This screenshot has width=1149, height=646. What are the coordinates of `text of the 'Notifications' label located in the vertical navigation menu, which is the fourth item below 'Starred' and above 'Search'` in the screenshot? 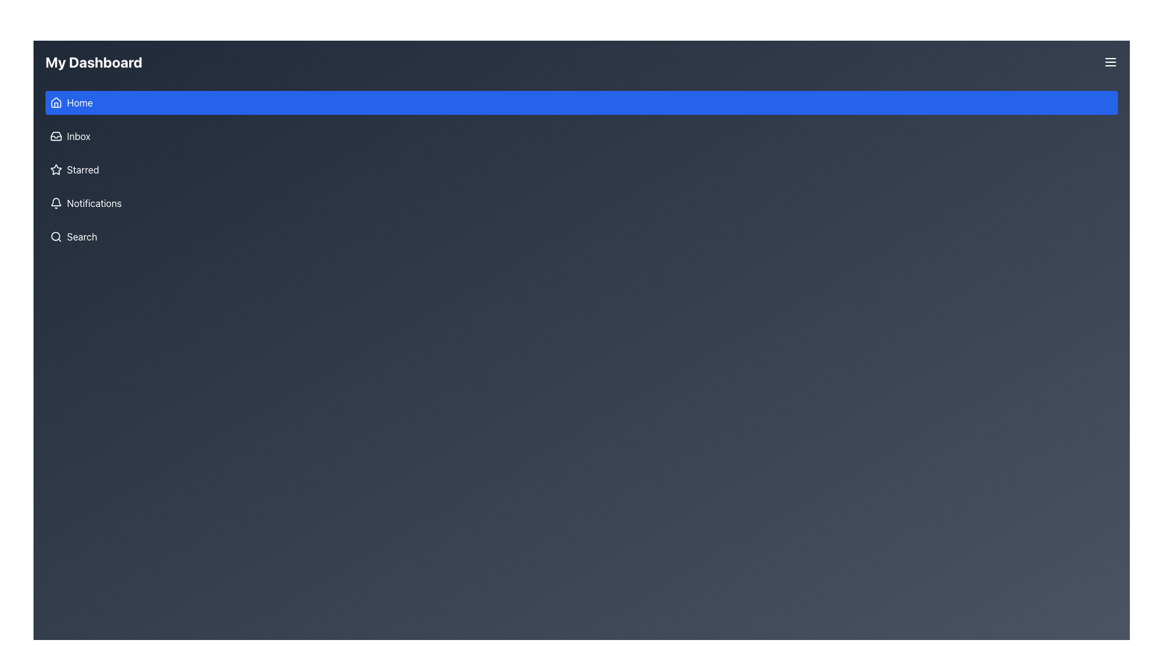 It's located at (93, 202).